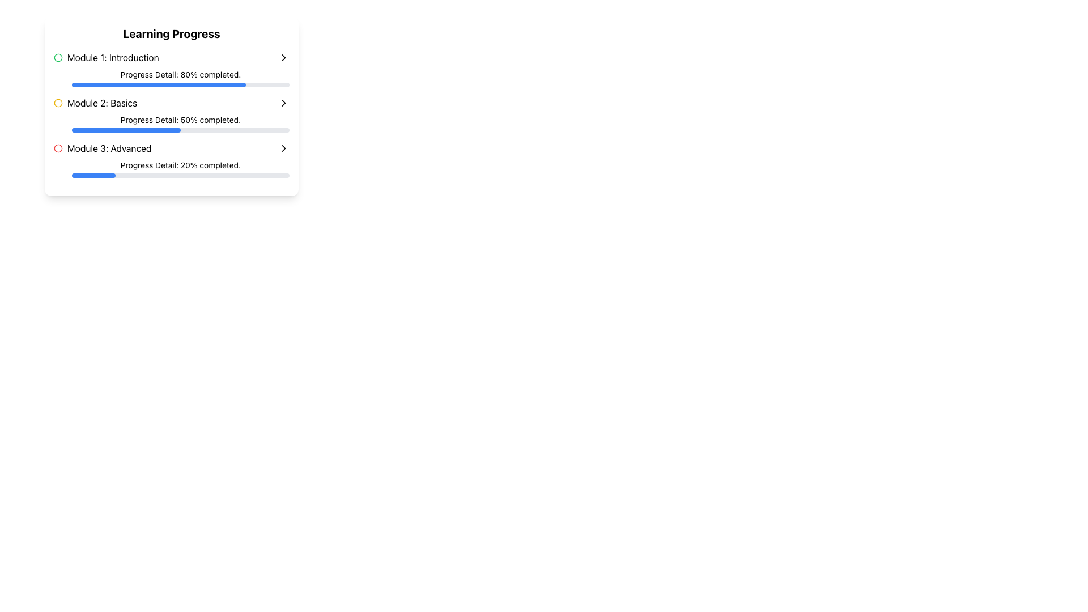 The height and width of the screenshot is (612, 1088). Describe the element at coordinates (171, 148) in the screenshot. I see `the button labeled 'Module 3: Advanced' which is the third item under 'Learning Progress', indicated by the red circular icon on the left and a right-pointing arrow on the right` at that location.